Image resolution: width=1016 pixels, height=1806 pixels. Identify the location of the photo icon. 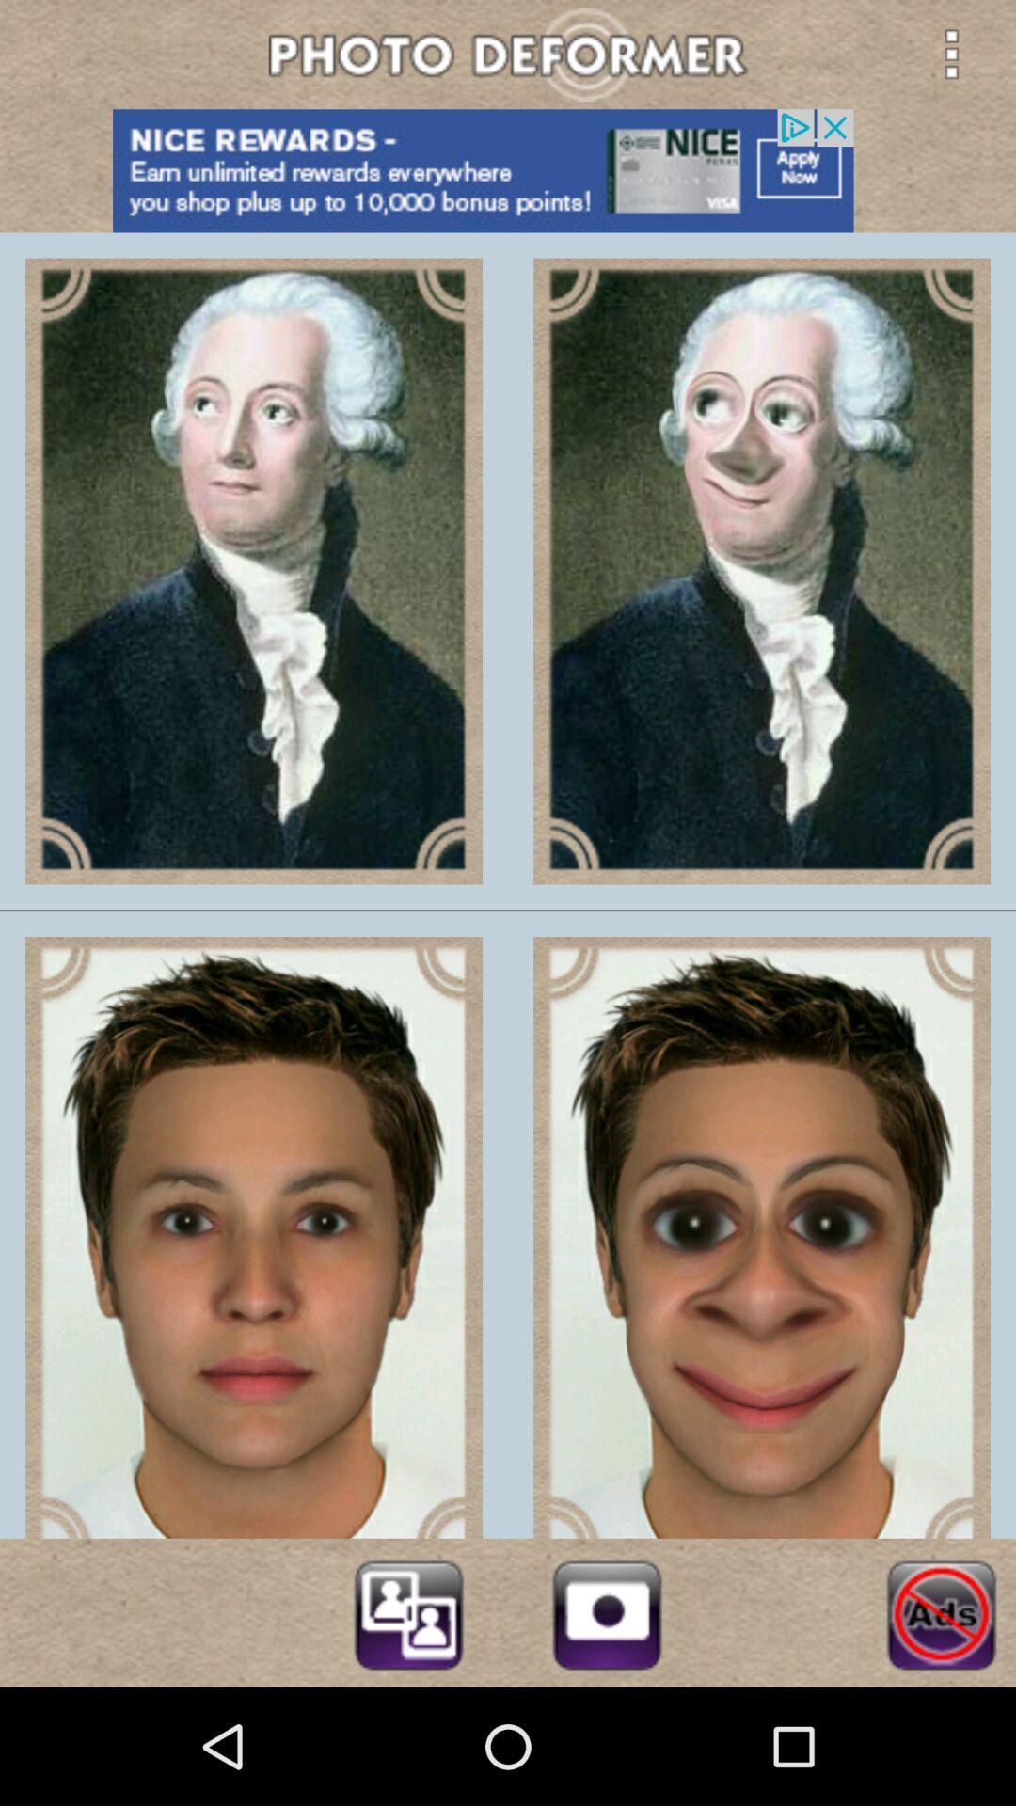
(607, 1726).